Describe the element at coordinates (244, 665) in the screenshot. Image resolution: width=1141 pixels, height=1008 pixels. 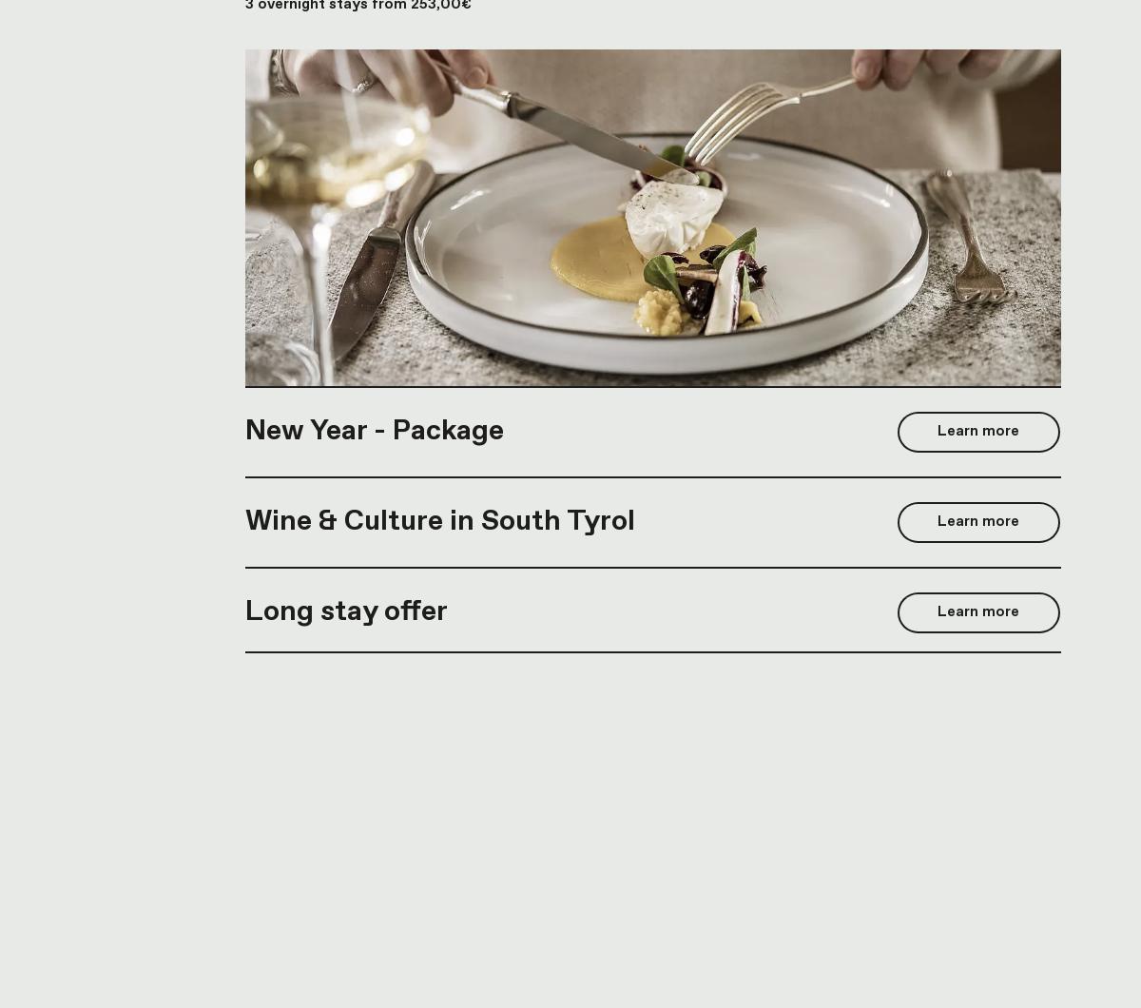
I see `'28.08.2023 - 24.12.2023'` at that location.